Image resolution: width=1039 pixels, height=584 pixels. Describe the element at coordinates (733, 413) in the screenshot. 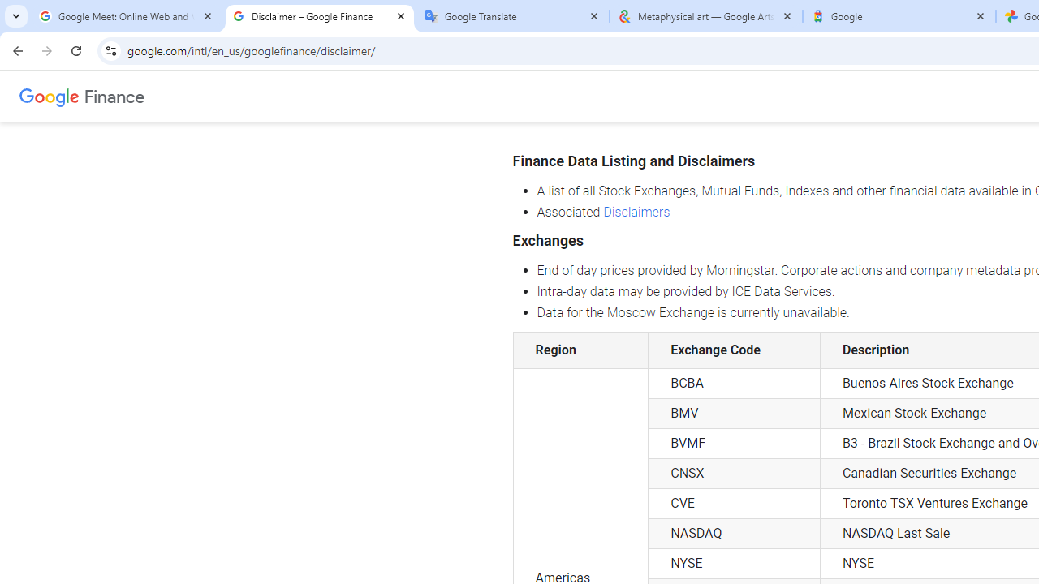

I see `'BMV'` at that location.